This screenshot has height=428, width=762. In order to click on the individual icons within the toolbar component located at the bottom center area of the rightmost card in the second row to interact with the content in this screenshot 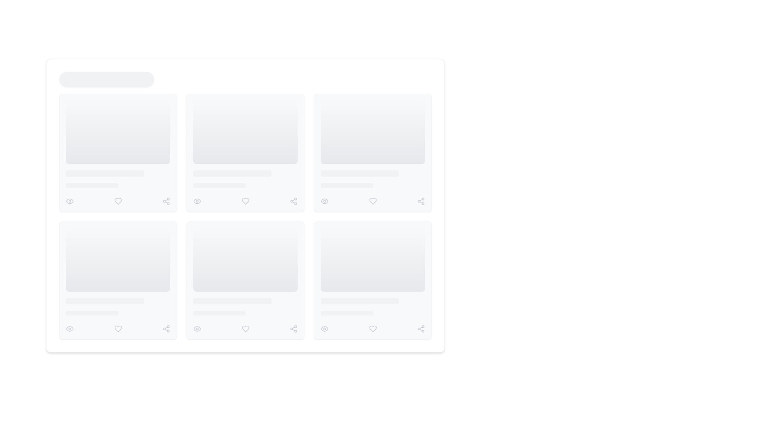, I will do `click(372, 327)`.